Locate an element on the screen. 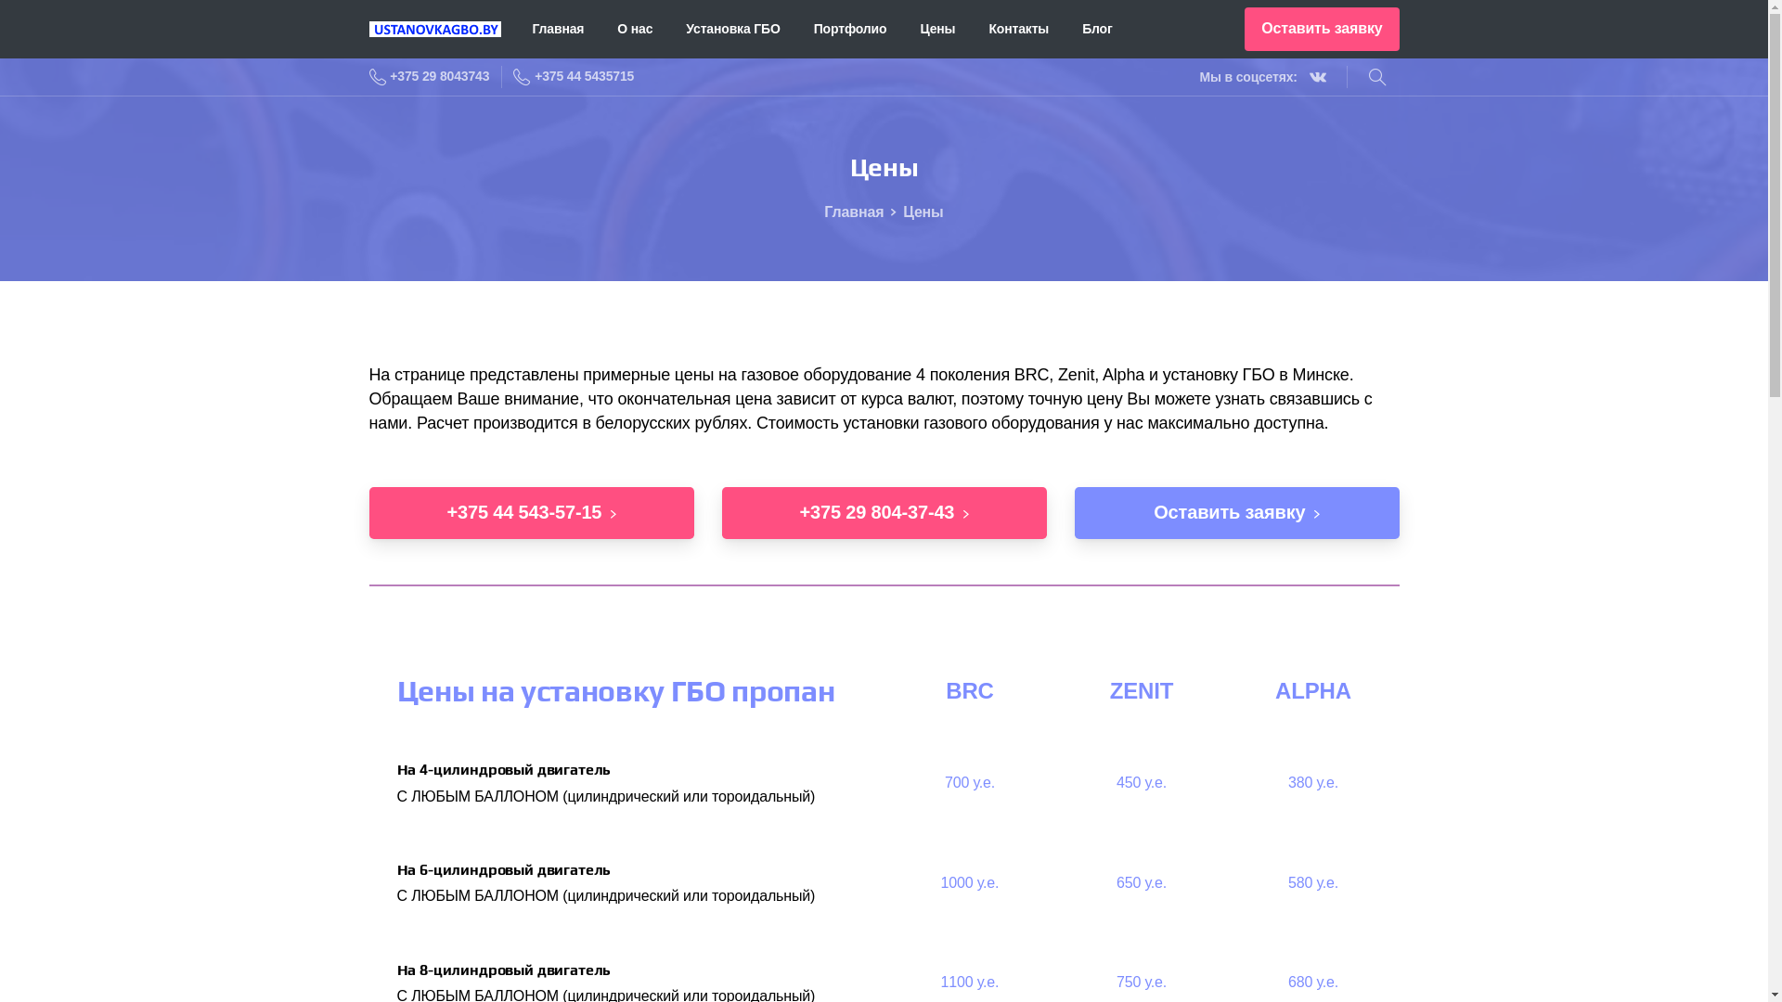 The height and width of the screenshot is (1002, 1782). 'Search' is located at coordinates (1376, 76).